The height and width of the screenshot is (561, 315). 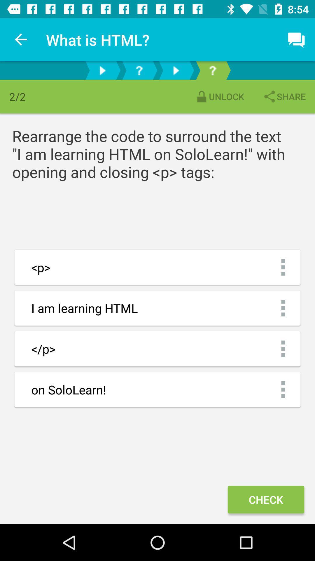 What do you see at coordinates (175, 70) in the screenshot?
I see `lesson` at bounding box center [175, 70].